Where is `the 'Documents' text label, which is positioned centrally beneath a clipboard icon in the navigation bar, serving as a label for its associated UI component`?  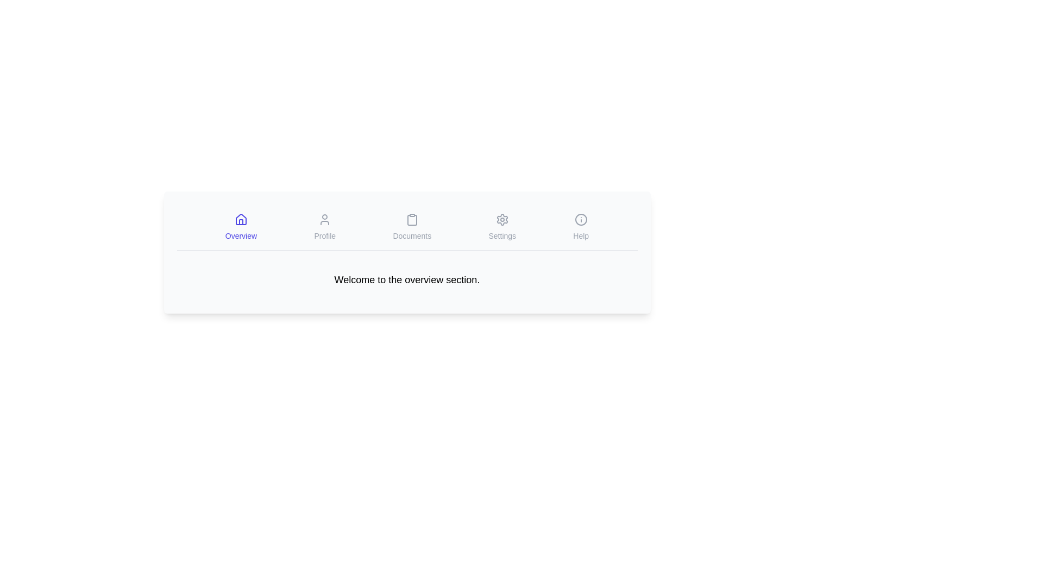
the 'Documents' text label, which is positioned centrally beneath a clipboard icon in the navigation bar, serving as a label for its associated UI component is located at coordinates (411, 235).